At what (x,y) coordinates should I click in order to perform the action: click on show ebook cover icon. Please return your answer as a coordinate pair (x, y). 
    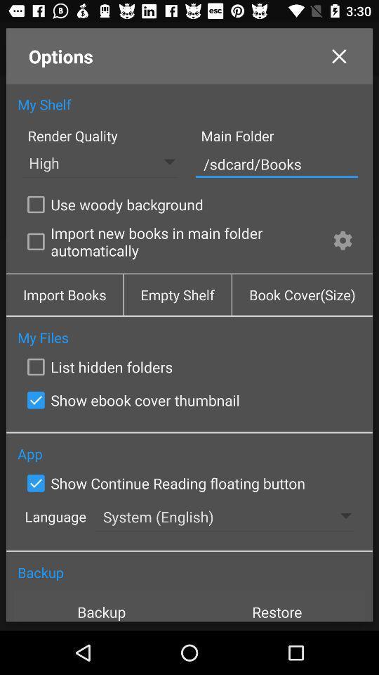
    Looking at the image, I should click on (131, 400).